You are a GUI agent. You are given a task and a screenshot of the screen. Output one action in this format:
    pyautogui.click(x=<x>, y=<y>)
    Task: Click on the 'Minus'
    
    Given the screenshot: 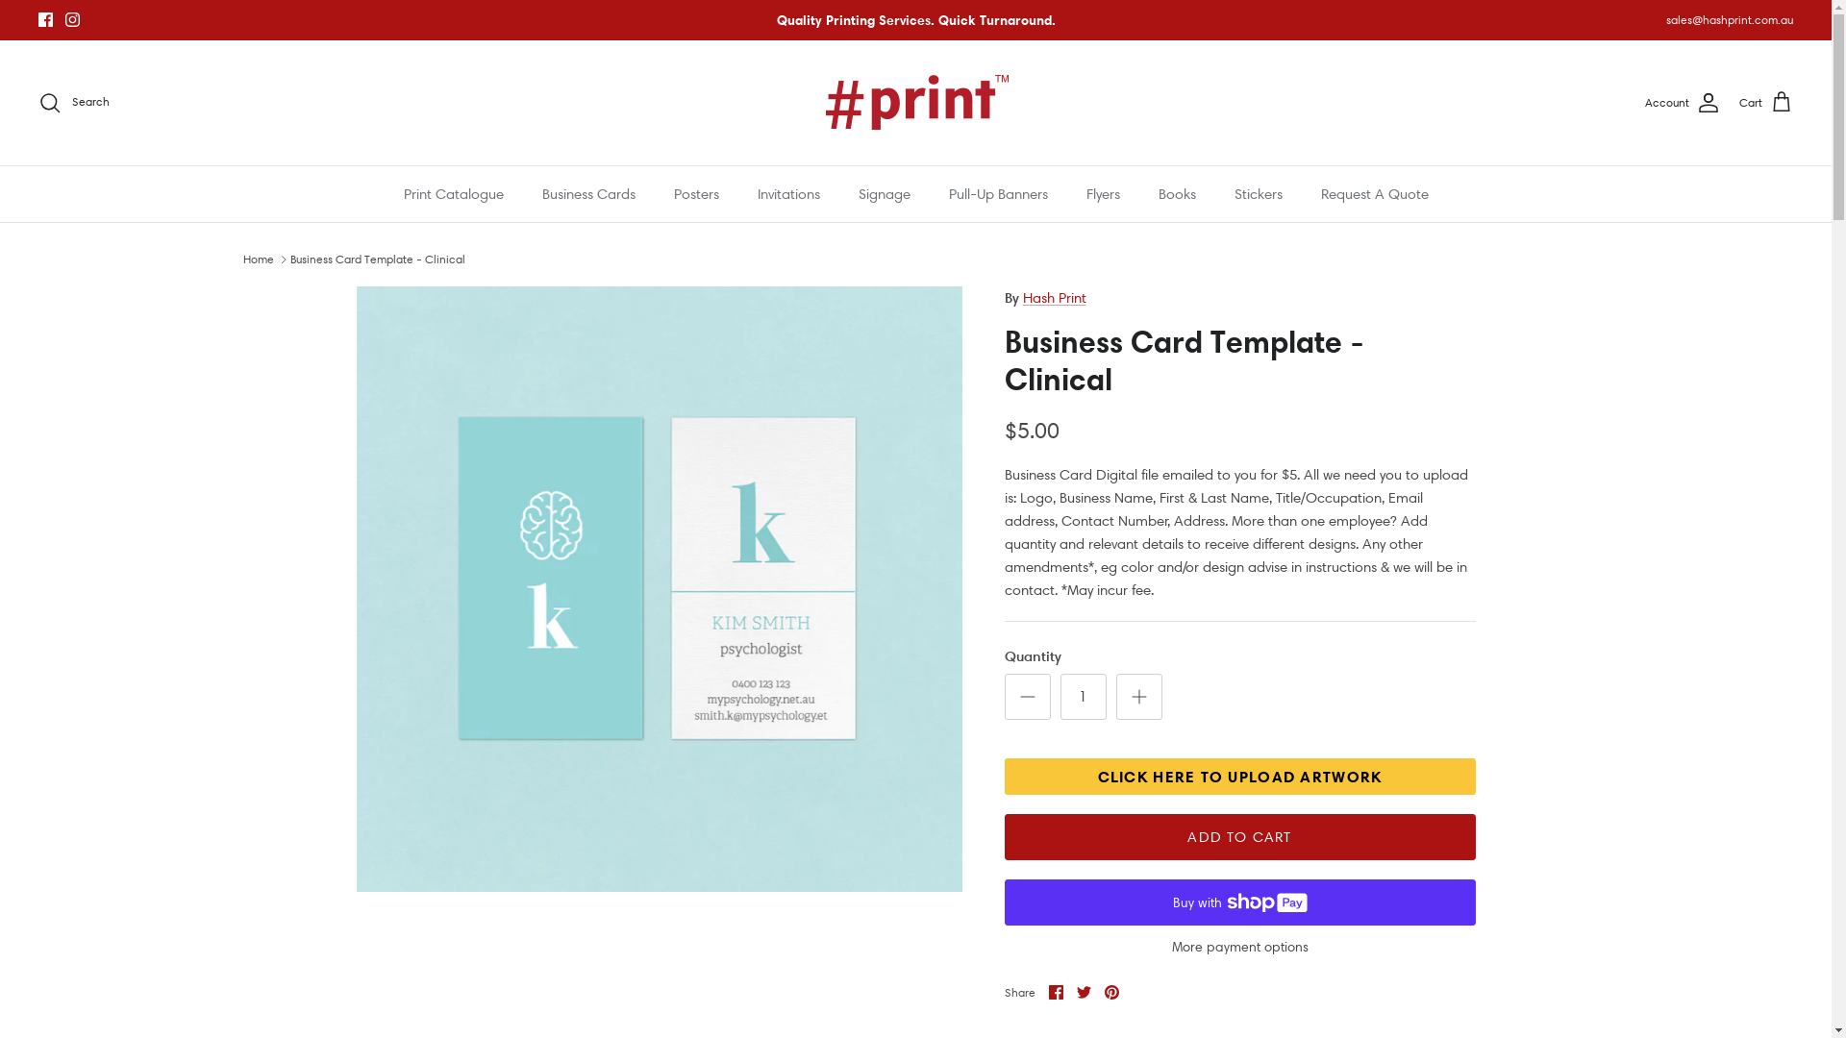 What is the action you would take?
    pyautogui.click(x=1025, y=697)
    